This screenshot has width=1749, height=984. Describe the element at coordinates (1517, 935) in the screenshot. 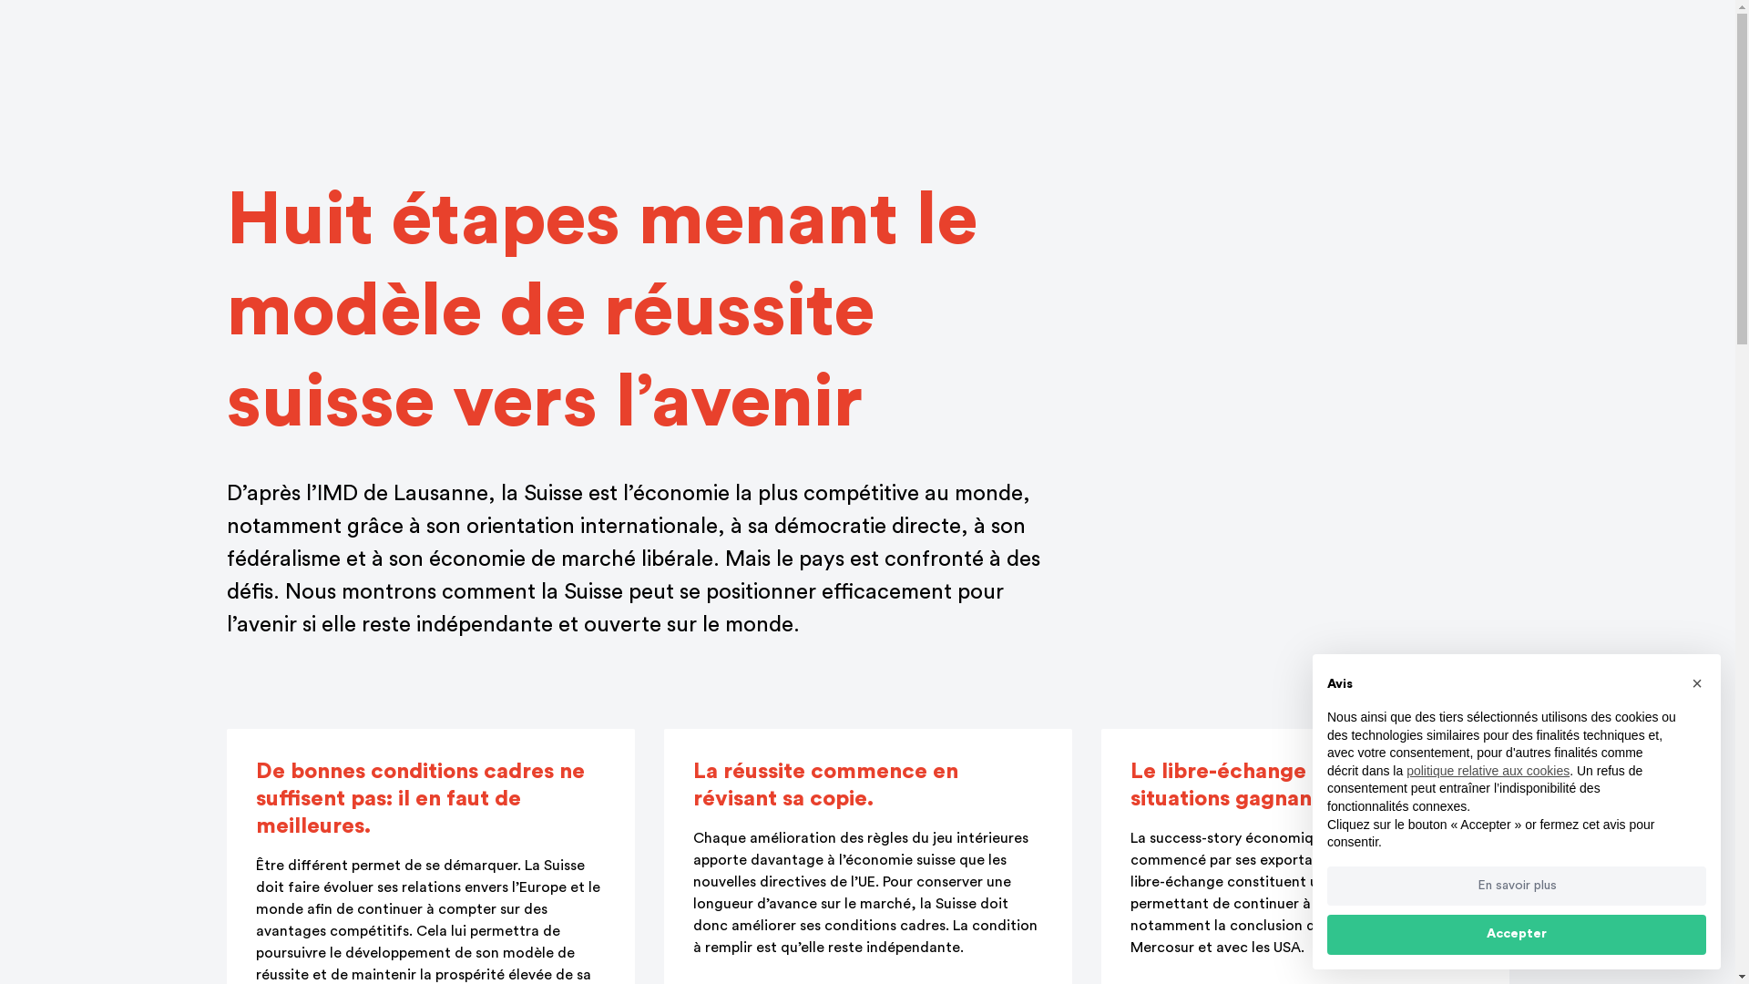

I see `'Accepter'` at that location.